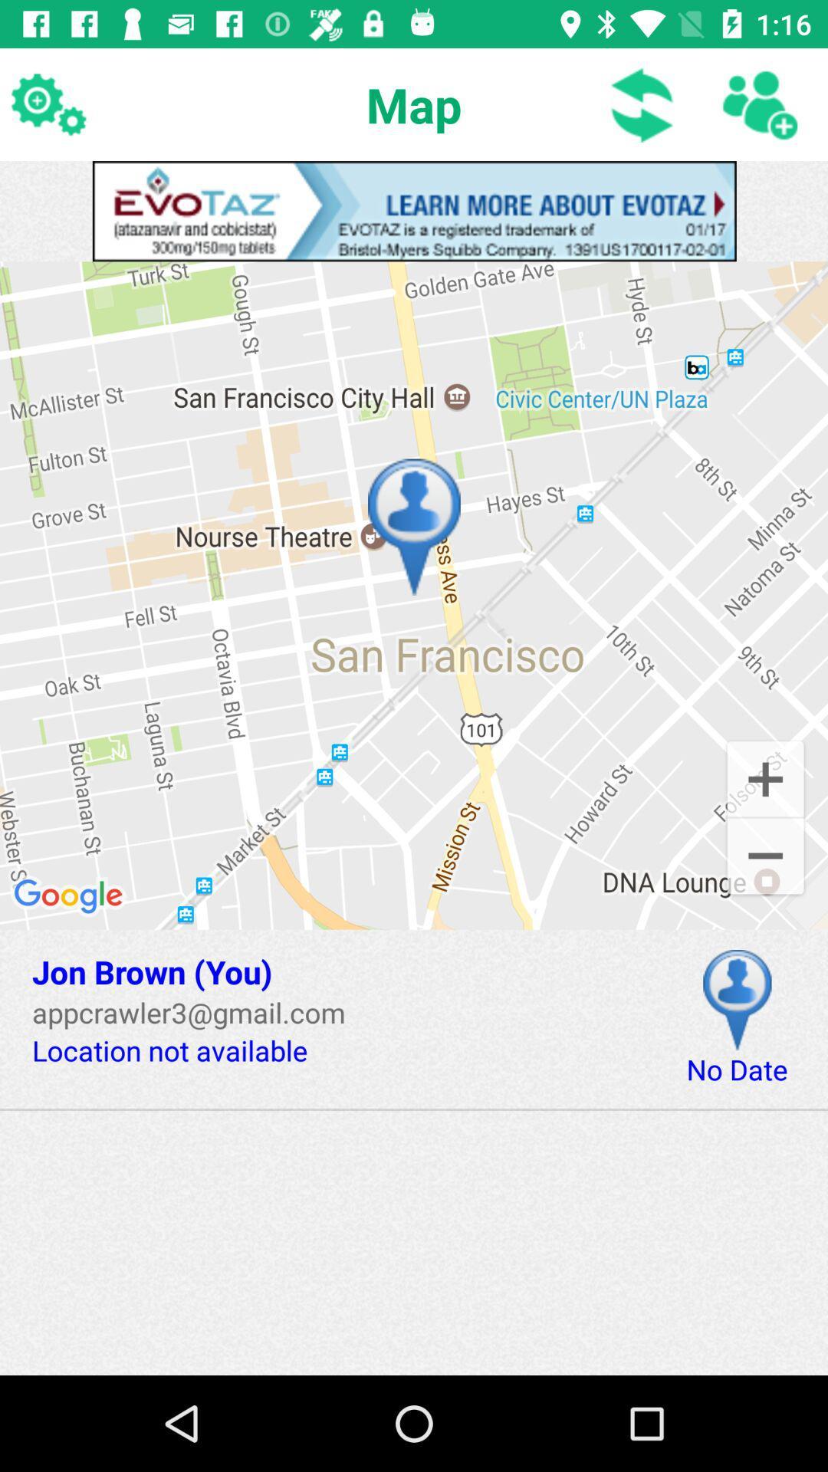 This screenshot has width=828, height=1472. Describe the element at coordinates (414, 210) in the screenshot. I see `map of evotaz` at that location.